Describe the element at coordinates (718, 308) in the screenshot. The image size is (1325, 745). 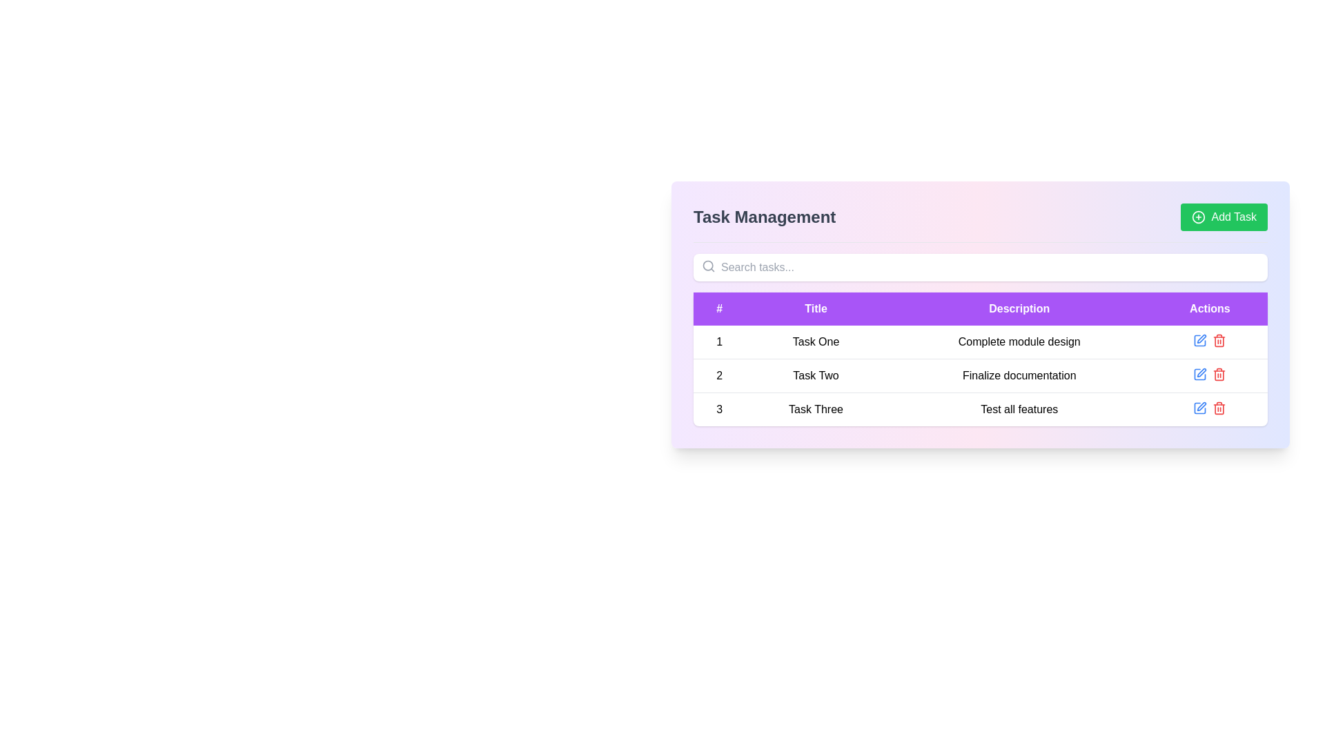
I see `the column header symbol `#` which is displayed in white on a purple background, located in the top-left corner of the table's header row` at that location.